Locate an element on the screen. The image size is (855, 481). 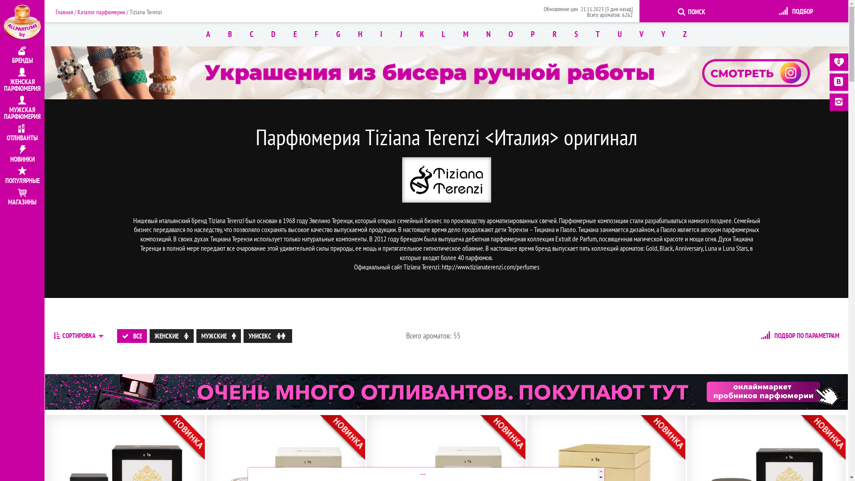
'U' is located at coordinates (619, 34).